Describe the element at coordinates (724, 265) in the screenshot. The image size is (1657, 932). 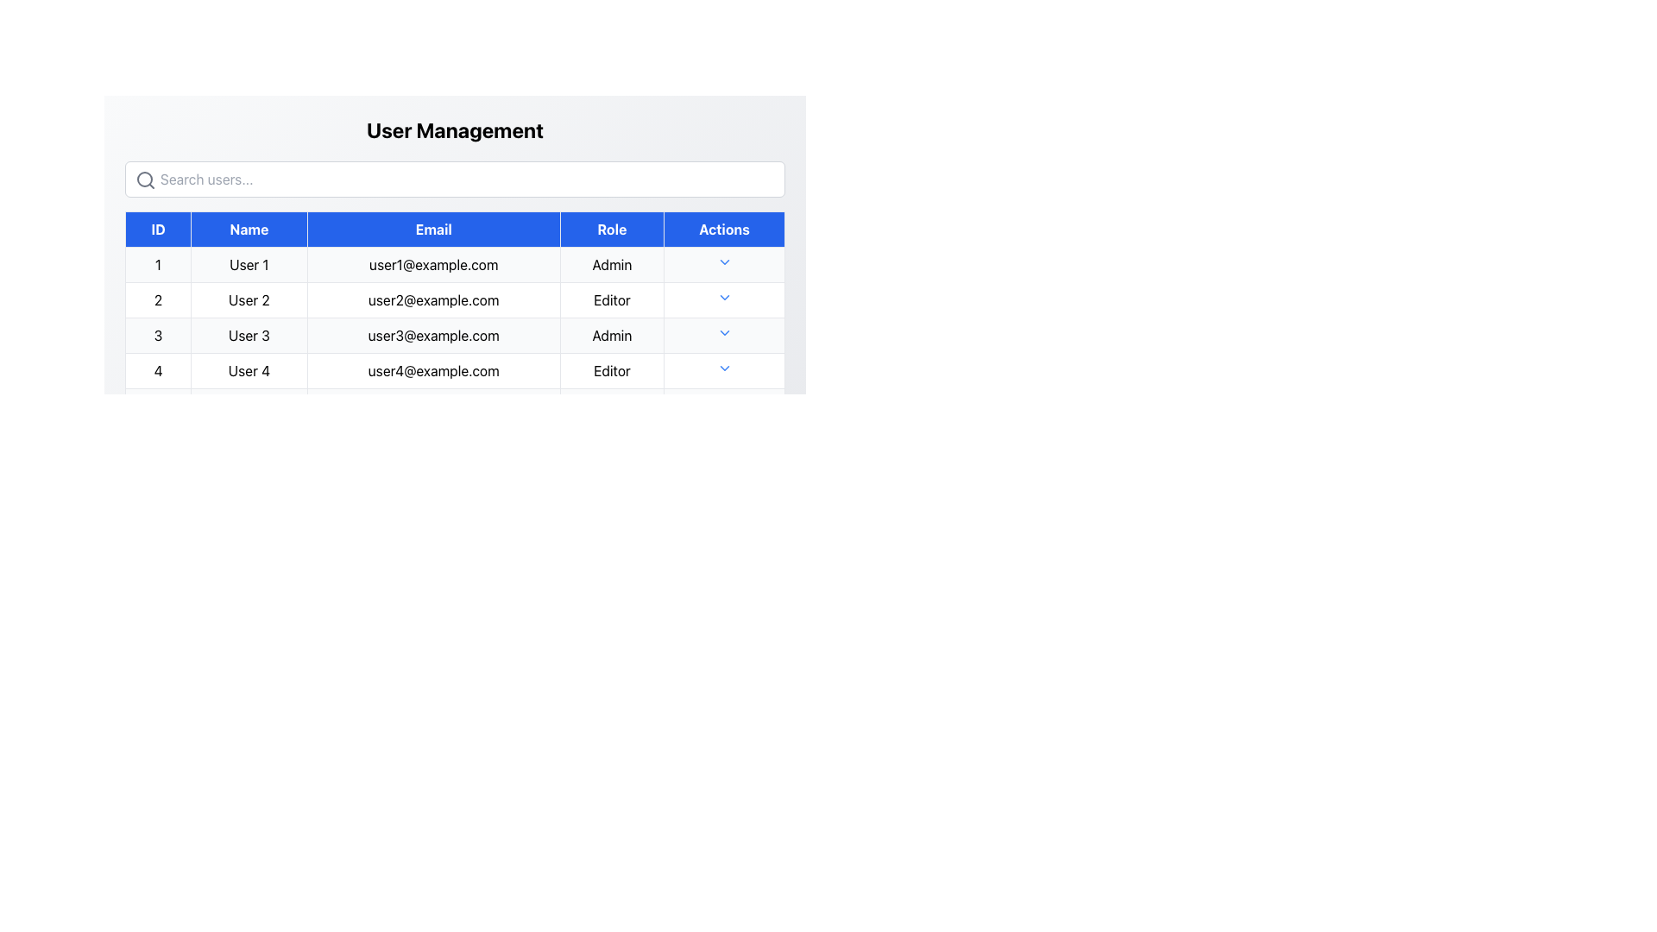
I see `the dropdown button in the last column of the first row of the user table, which corresponds to the user with ID 1 and email user1@example.com` at that location.